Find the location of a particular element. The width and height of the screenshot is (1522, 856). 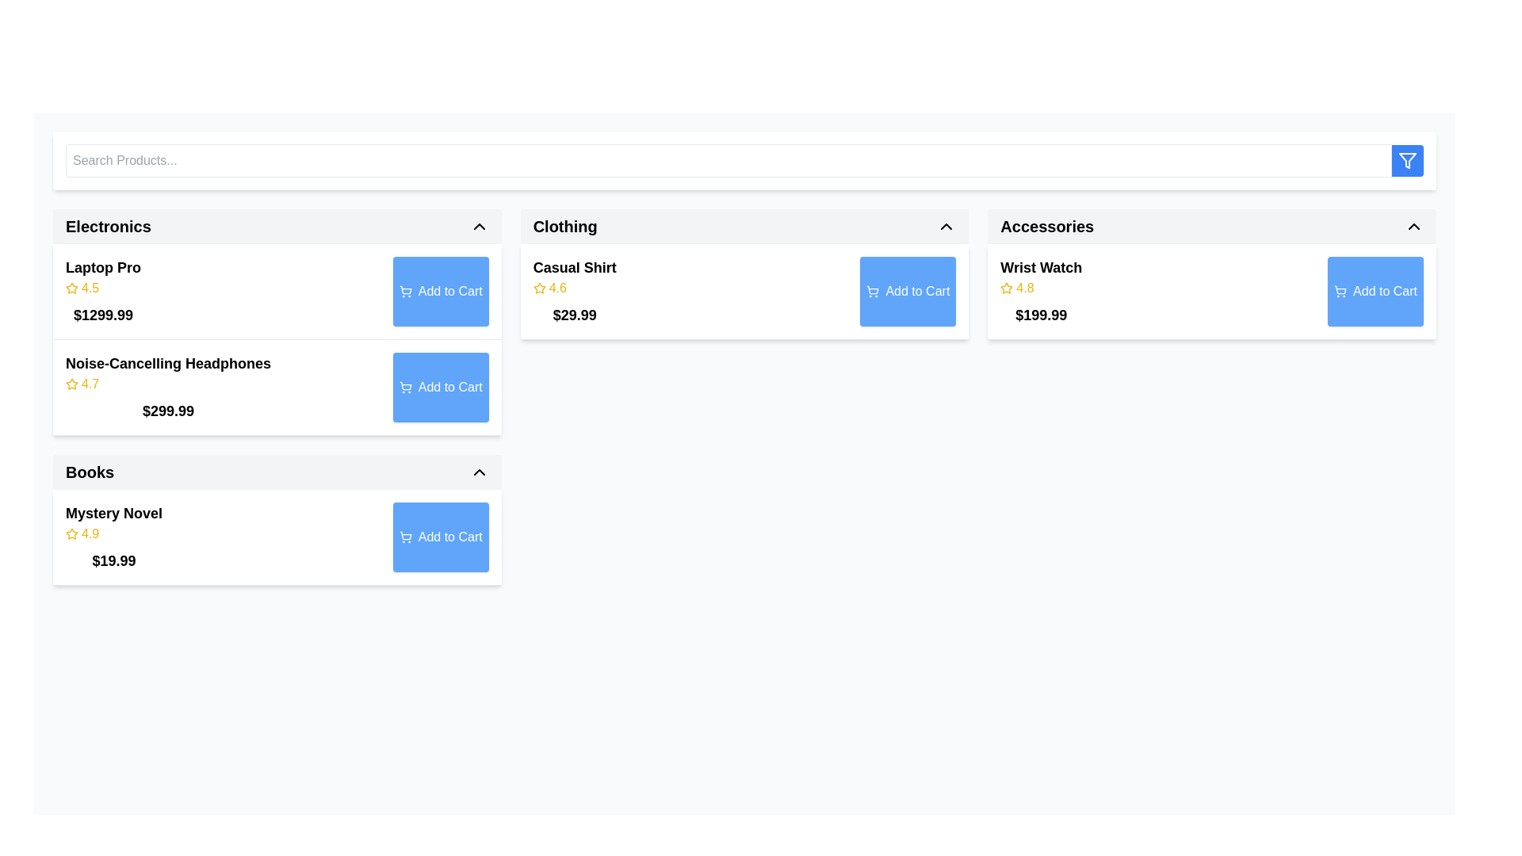

the rating icon for the 'Wrist Watch' product, which visually represents a score of '4.8' in the 'Accessories' section is located at coordinates (1006, 288).